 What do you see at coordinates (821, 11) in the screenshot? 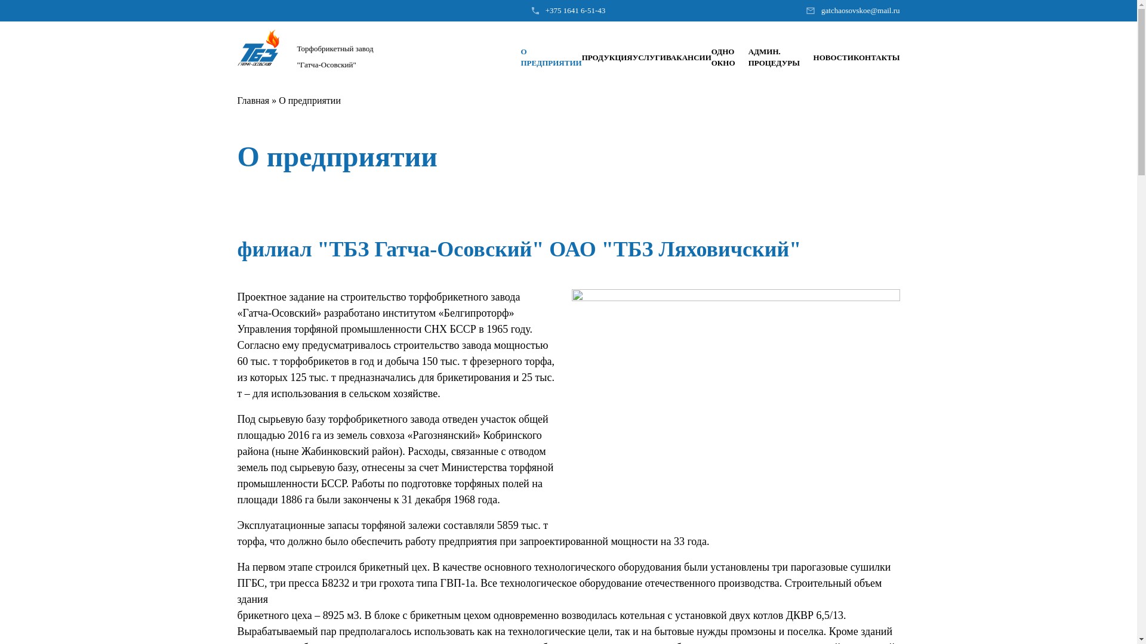
I see `'gatchaosovskoe@mail.ru'` at bounding box center [821, 11].